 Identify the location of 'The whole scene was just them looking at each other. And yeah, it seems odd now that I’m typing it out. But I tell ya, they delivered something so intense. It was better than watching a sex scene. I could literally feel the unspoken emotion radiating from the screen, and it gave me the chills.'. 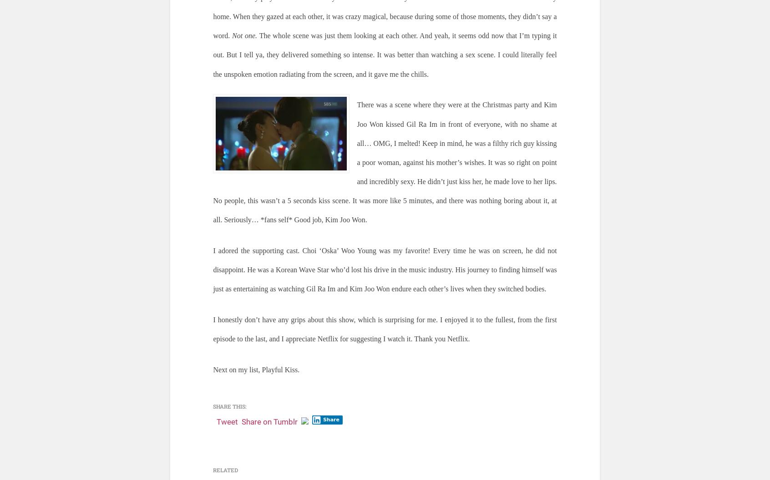
(385, 54).